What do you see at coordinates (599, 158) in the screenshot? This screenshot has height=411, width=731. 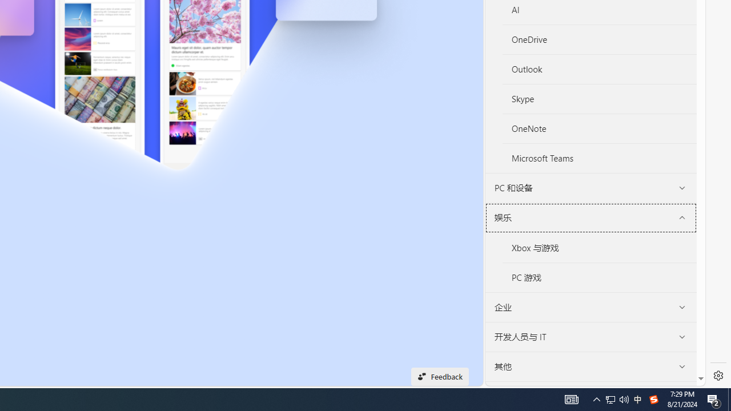 I see `'Microsoft Teams'` at bounding box center [599, 158].